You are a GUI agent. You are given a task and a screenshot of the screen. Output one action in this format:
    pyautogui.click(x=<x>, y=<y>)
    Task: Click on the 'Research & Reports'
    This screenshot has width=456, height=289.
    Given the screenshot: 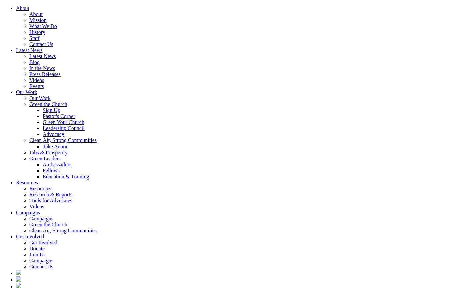 What is the action you would take?
    pyautogui.click(x=29, y=194)
    